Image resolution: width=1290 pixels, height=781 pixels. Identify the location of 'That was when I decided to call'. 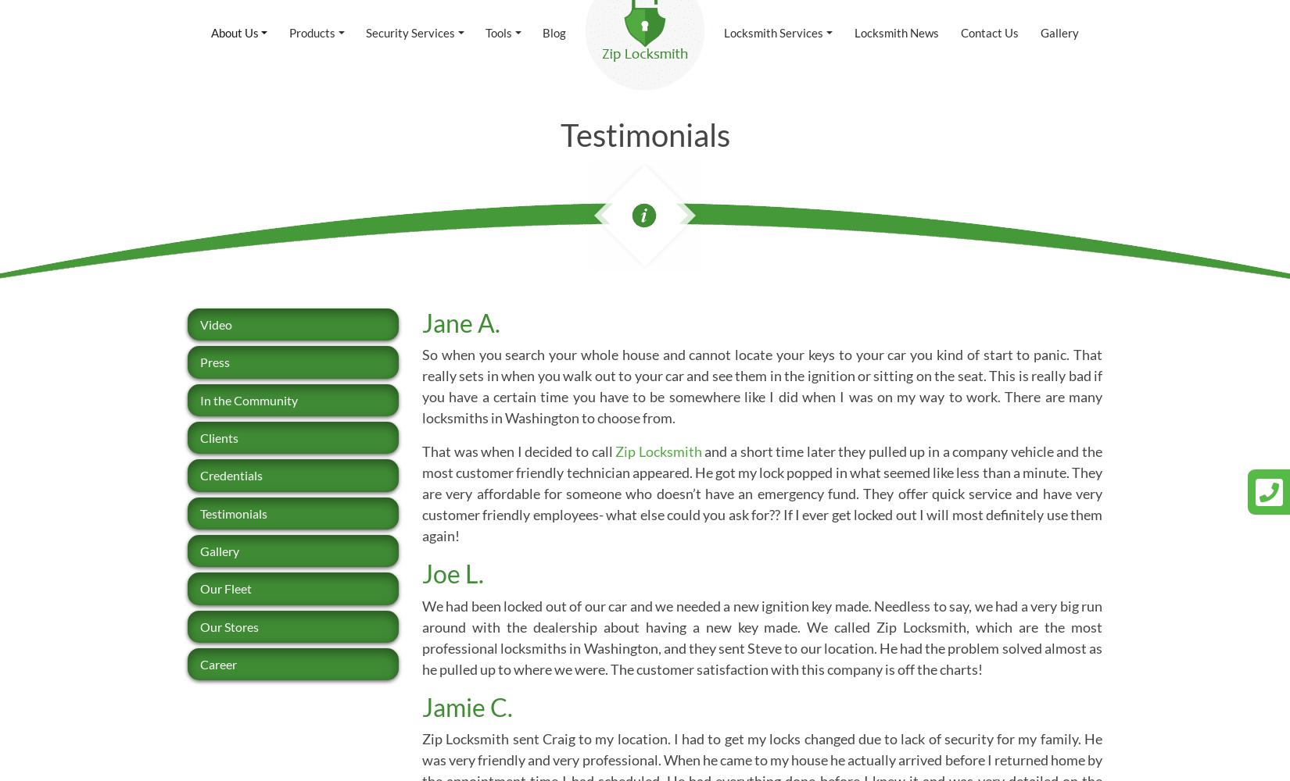
(518, 451).